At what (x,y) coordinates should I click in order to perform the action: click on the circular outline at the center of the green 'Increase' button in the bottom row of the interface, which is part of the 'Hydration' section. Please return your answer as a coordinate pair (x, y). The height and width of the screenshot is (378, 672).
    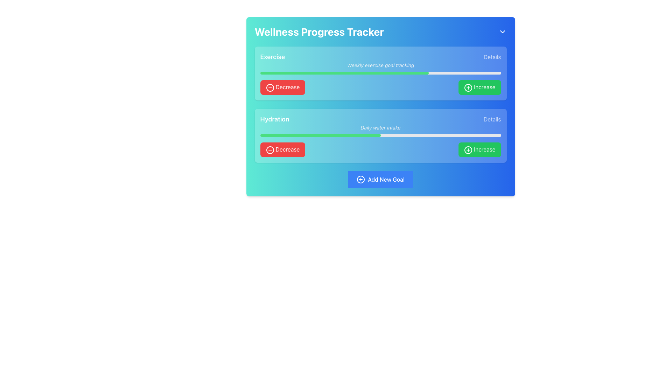
    Looking at the image, I should click on (468, 149).